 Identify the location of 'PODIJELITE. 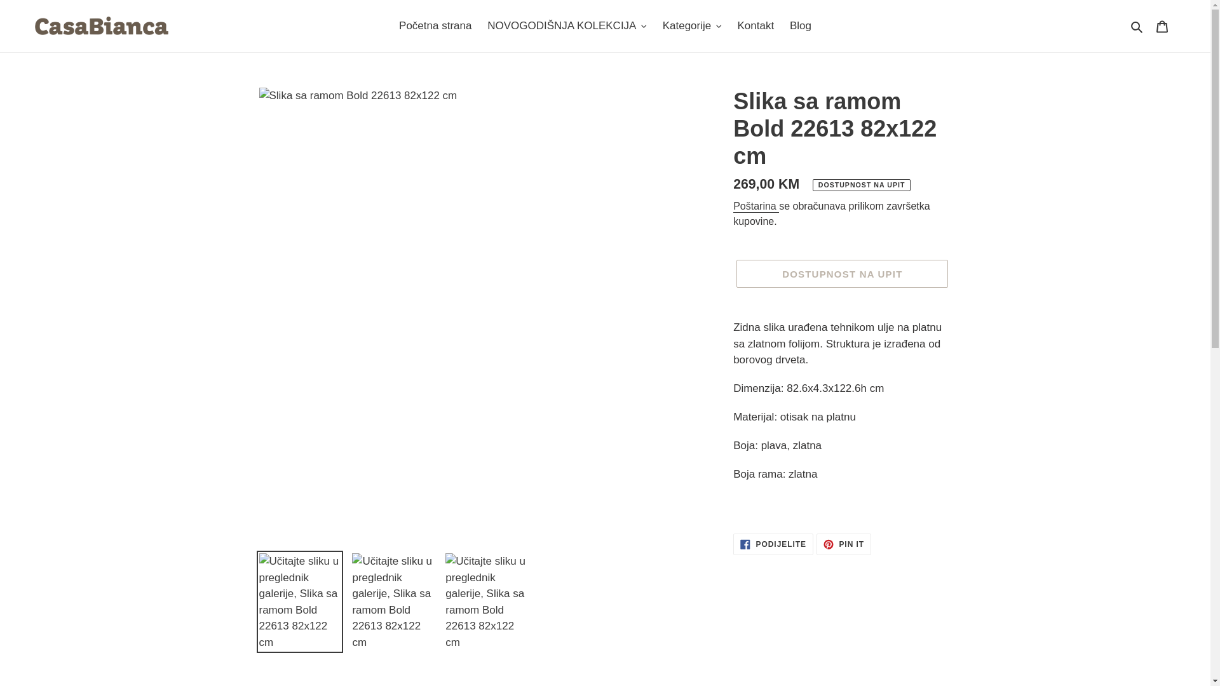
(773, 543).